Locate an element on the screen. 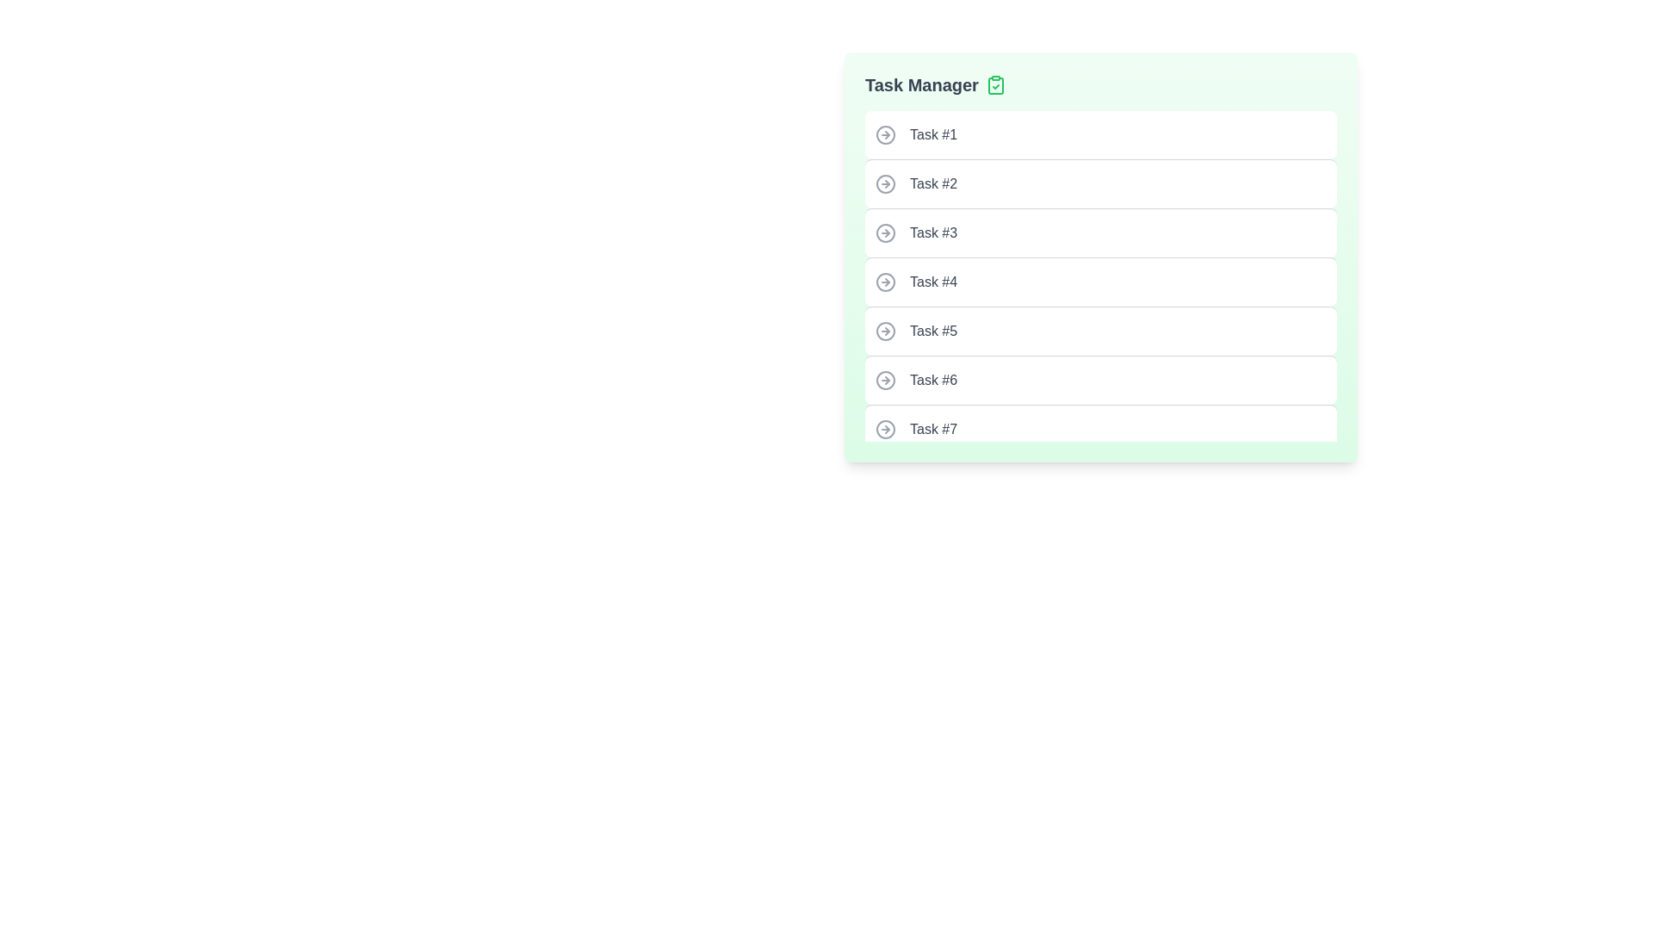 The height and width of the screenshot is (930, 1653). the task labeled Task #7 is located at coordinates (1099, 428).